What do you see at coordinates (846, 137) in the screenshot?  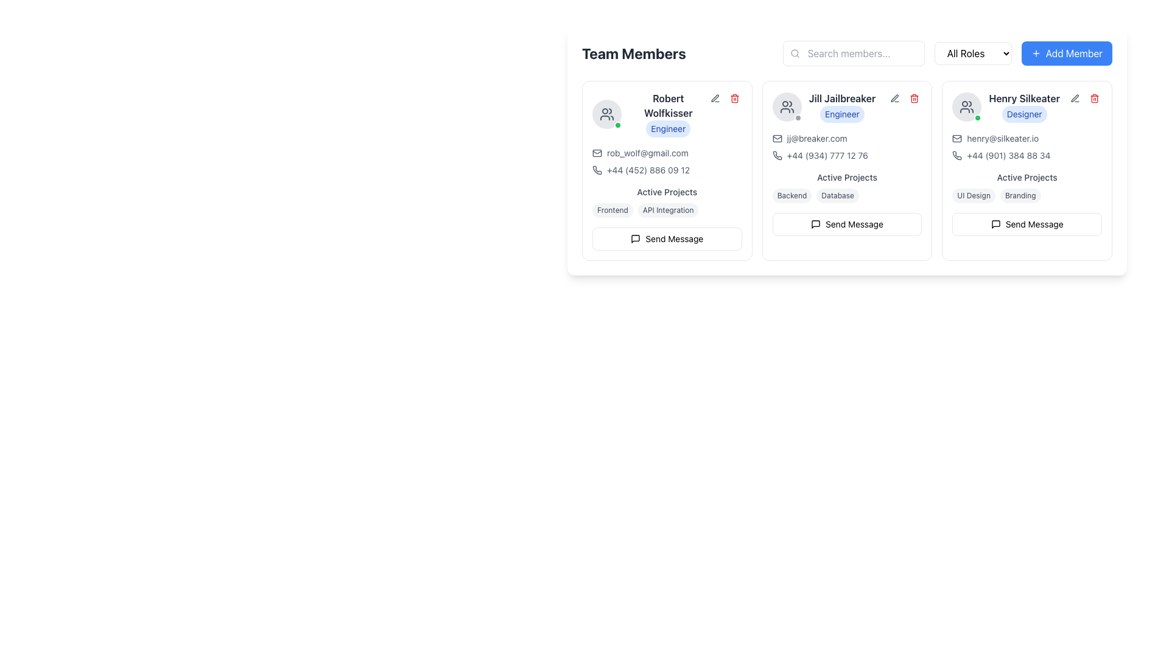 I see `the Email link displaying the address 'jj@breaker.com' located beneath Jill Jailbreaker's name in the team members section` at bounding box center [846, 137].